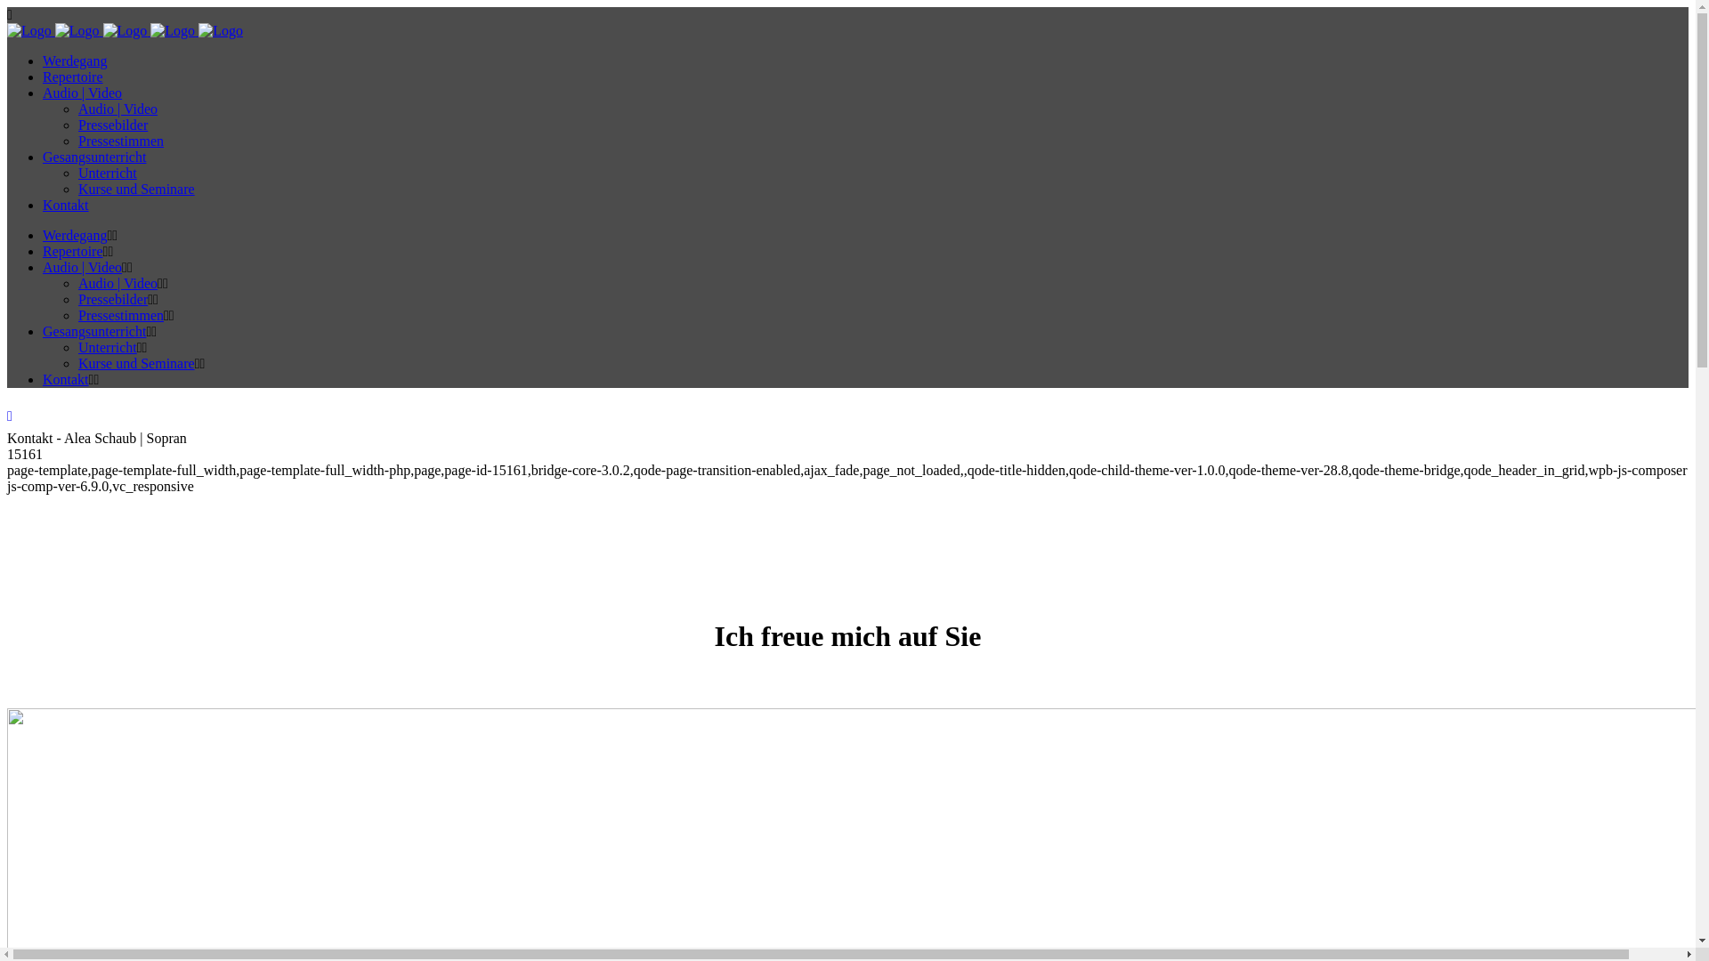 The width and height of the screenshot is (1709, 961). I want to click on 'Pressebilder', so click(77, 298).